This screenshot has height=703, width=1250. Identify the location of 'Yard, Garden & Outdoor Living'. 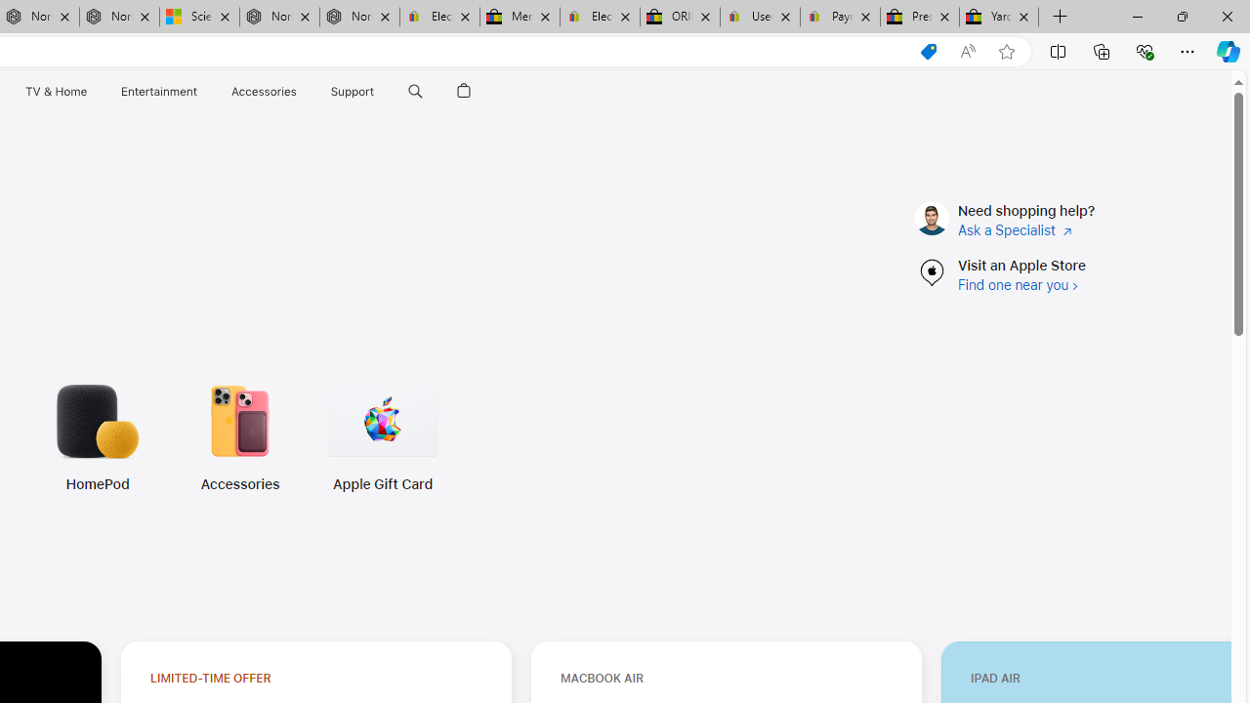
(999, 17).